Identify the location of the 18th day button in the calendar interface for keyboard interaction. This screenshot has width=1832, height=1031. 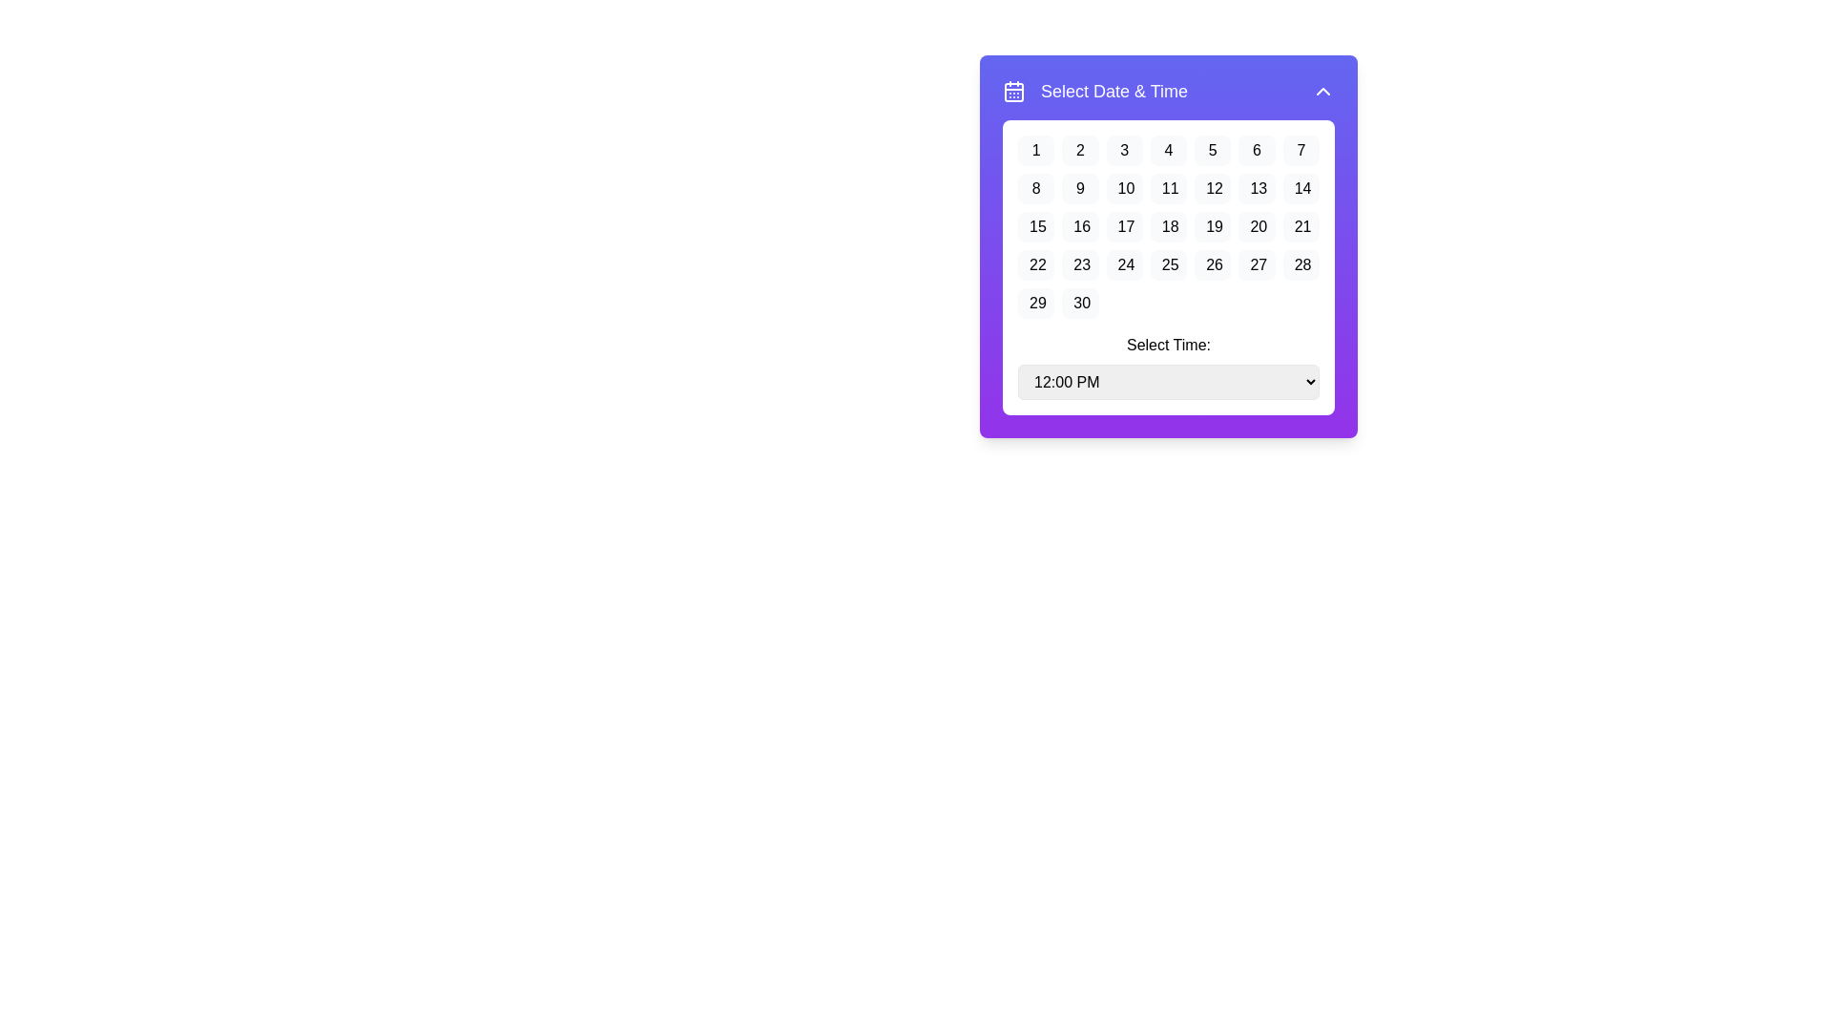
(1167, 226).